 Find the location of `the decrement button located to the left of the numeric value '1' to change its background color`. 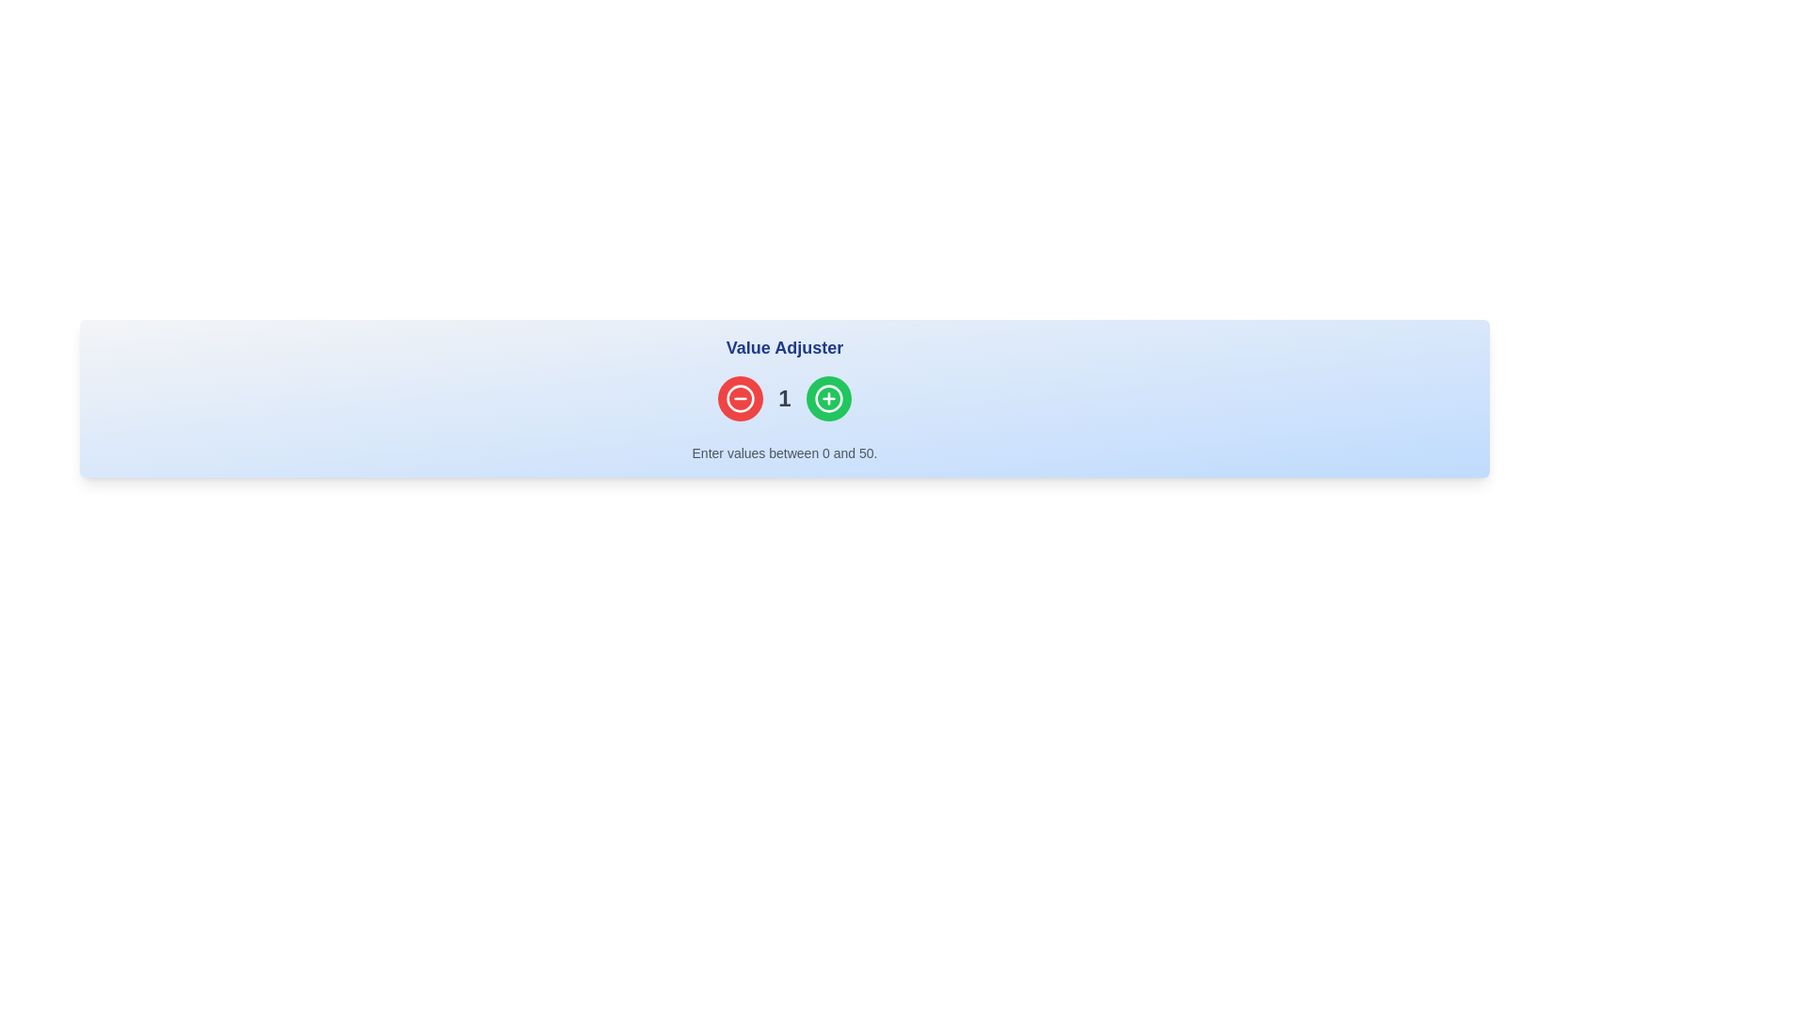

the decrement button located to the left of the numeric value '1' to change its background color is located at coordinates (740, 398).